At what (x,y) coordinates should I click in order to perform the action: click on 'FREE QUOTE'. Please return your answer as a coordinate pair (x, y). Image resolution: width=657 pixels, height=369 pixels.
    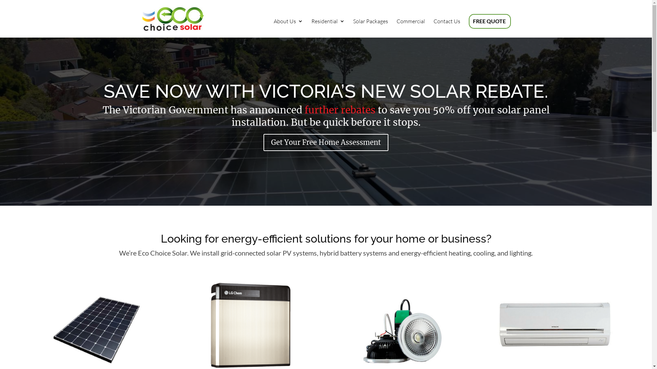
    Looking at the image, I should click on (489, 28).